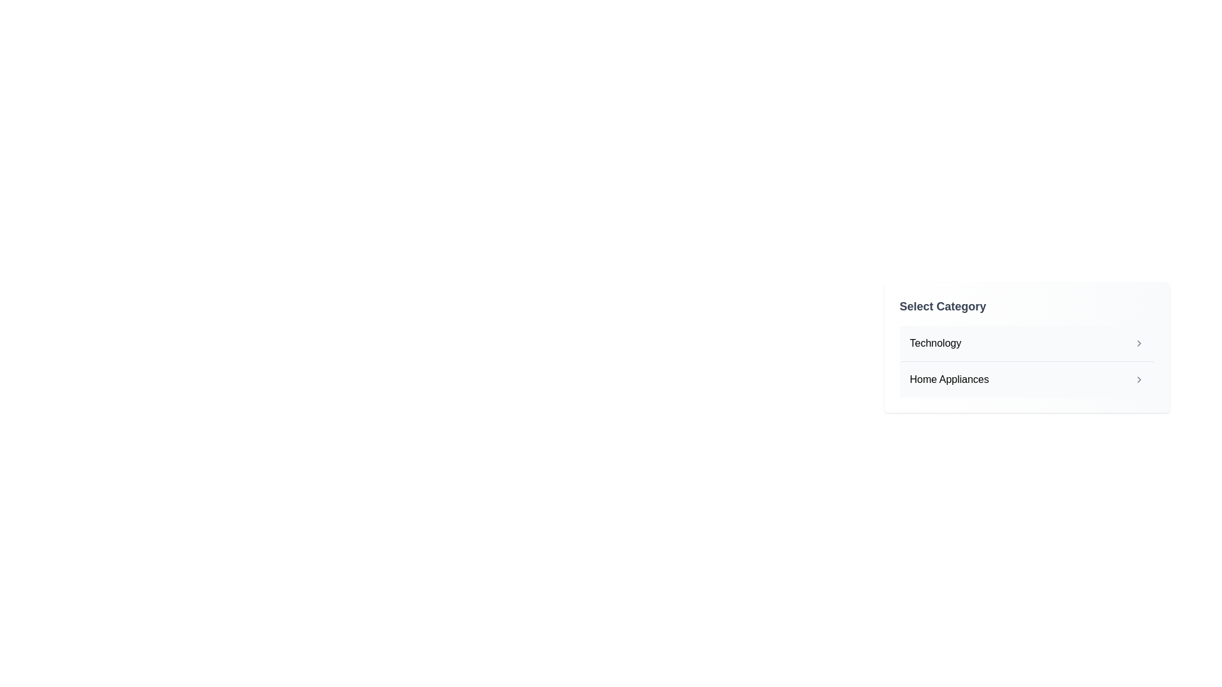 The width and height of the screenshot is (1222, 687). I want to click on the 'Technology' text label that is prominently displayed in a light gray rectangular box, part of a vertical list of selectable categories, so click(935, 343).